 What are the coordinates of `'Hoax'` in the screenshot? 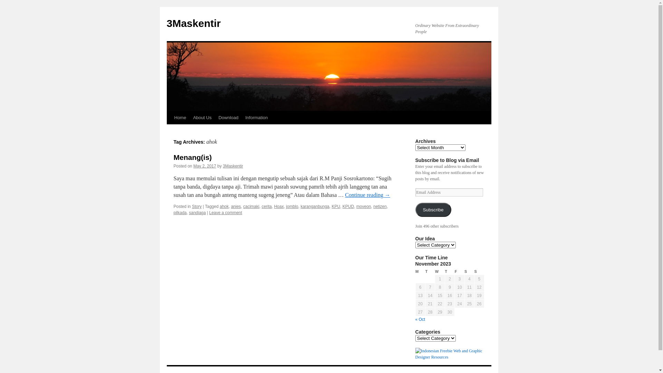 It's located at (279, 206).